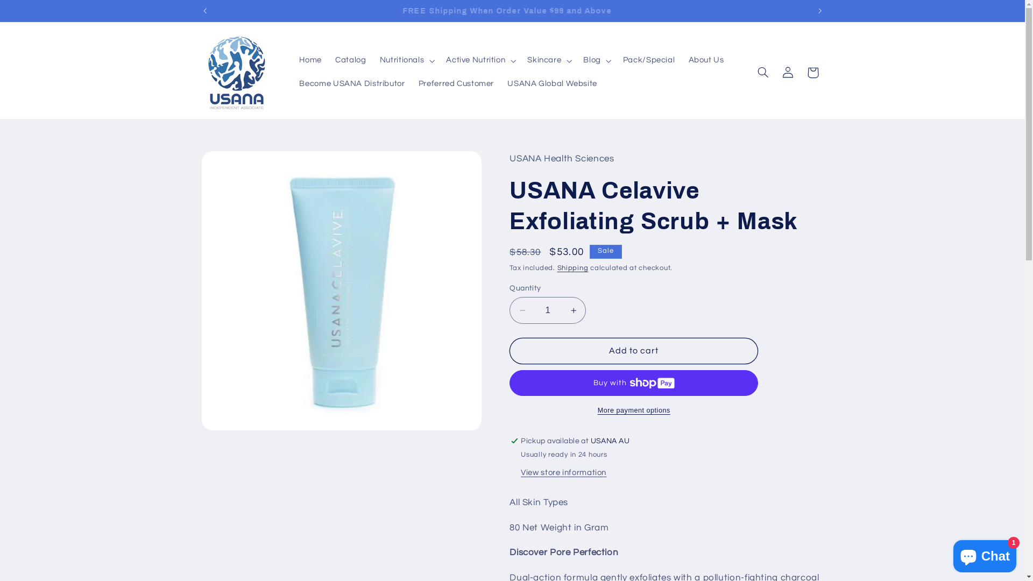  I want to click on 'Cart', so click(813, 73).